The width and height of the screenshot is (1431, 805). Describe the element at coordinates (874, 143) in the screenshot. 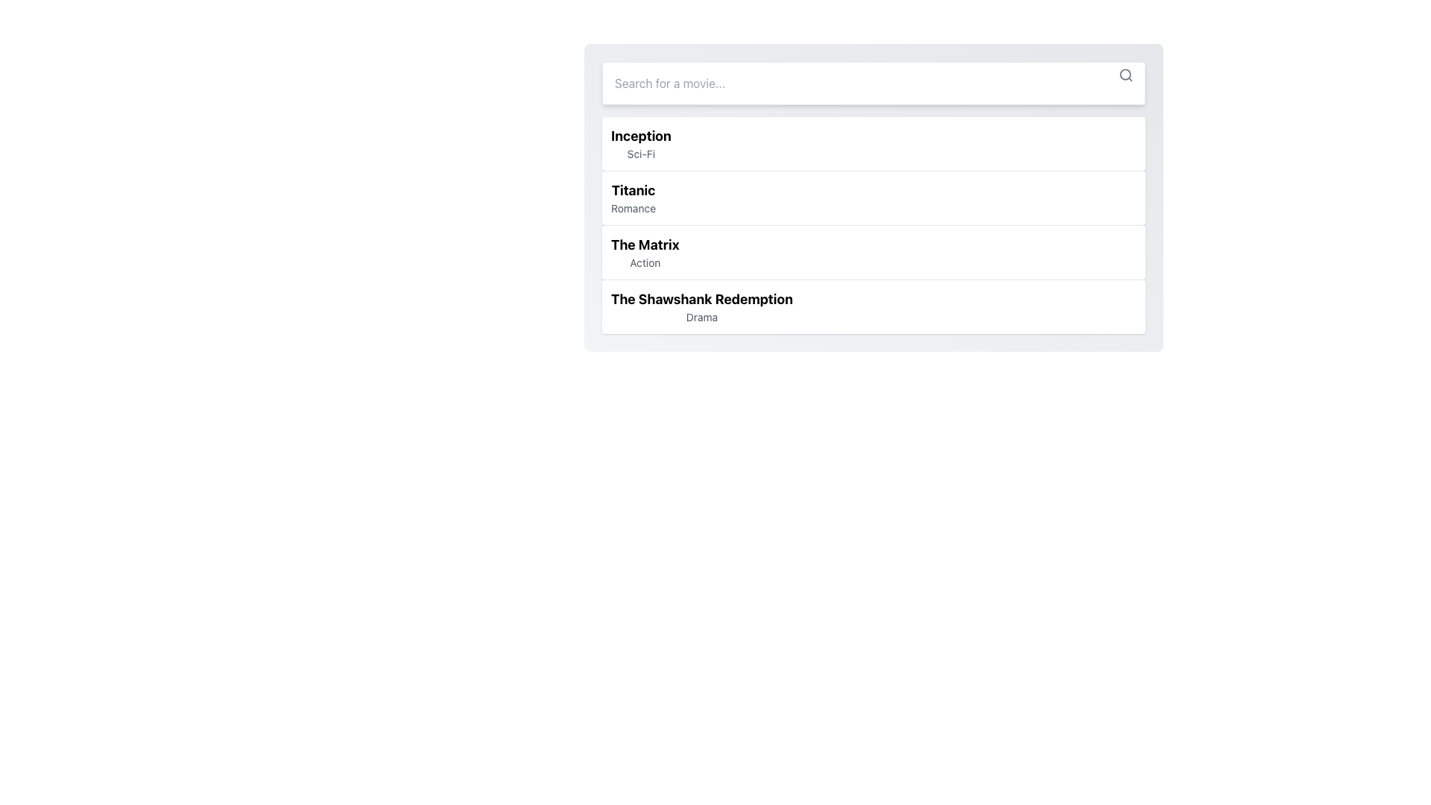

I see `the first list item titled 'Inception'` at that location.